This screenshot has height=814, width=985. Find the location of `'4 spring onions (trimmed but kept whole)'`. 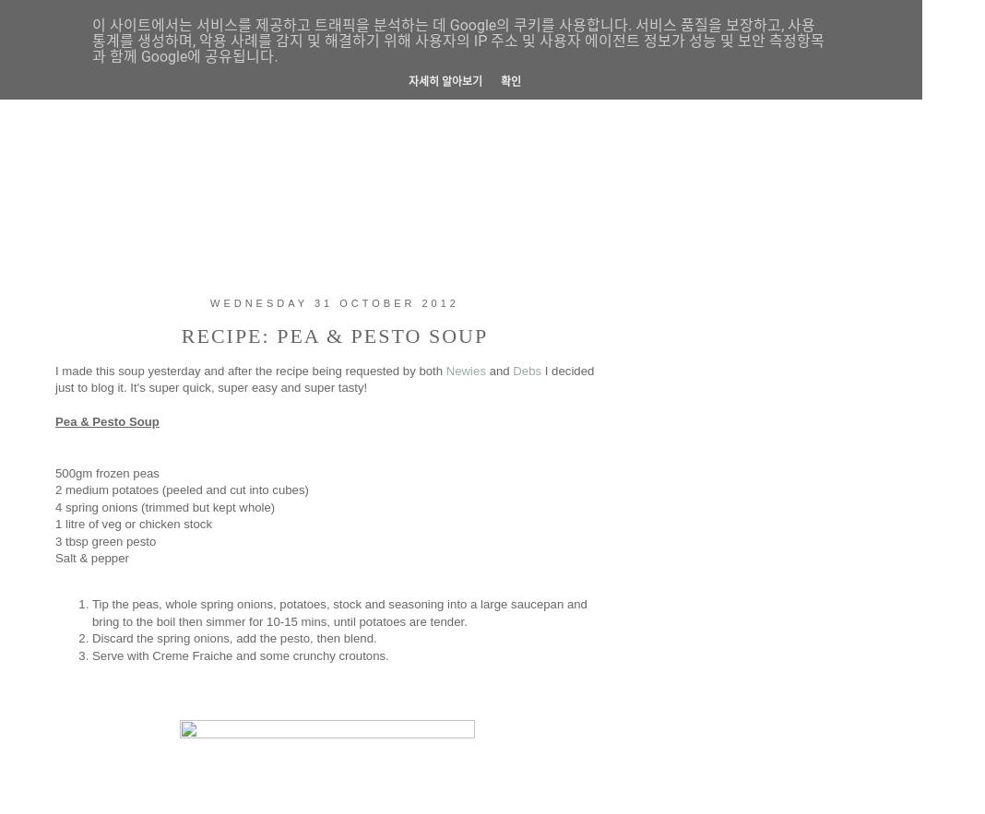

'4 spring onions (trimmed but kept whole)' is located at coordinates (164, 506).